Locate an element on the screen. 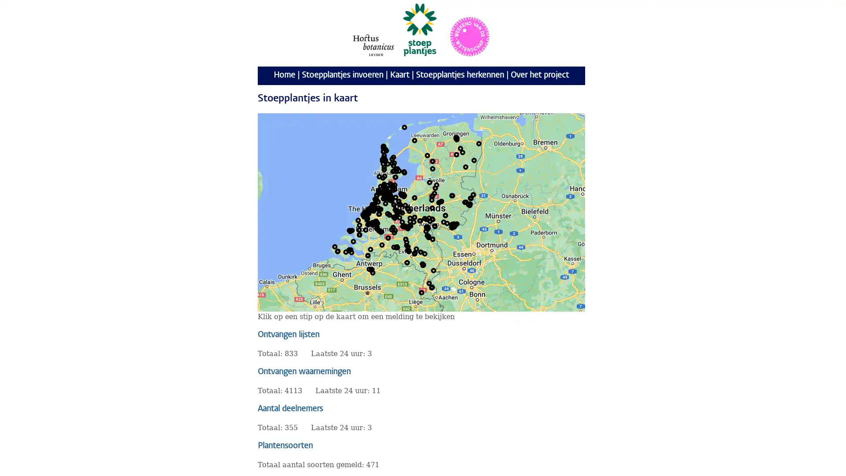 The height and width of the screenshot is (476, 846). Telling van Ton Frenken op 02 mei 2022 is located at coordinates (423, 264).